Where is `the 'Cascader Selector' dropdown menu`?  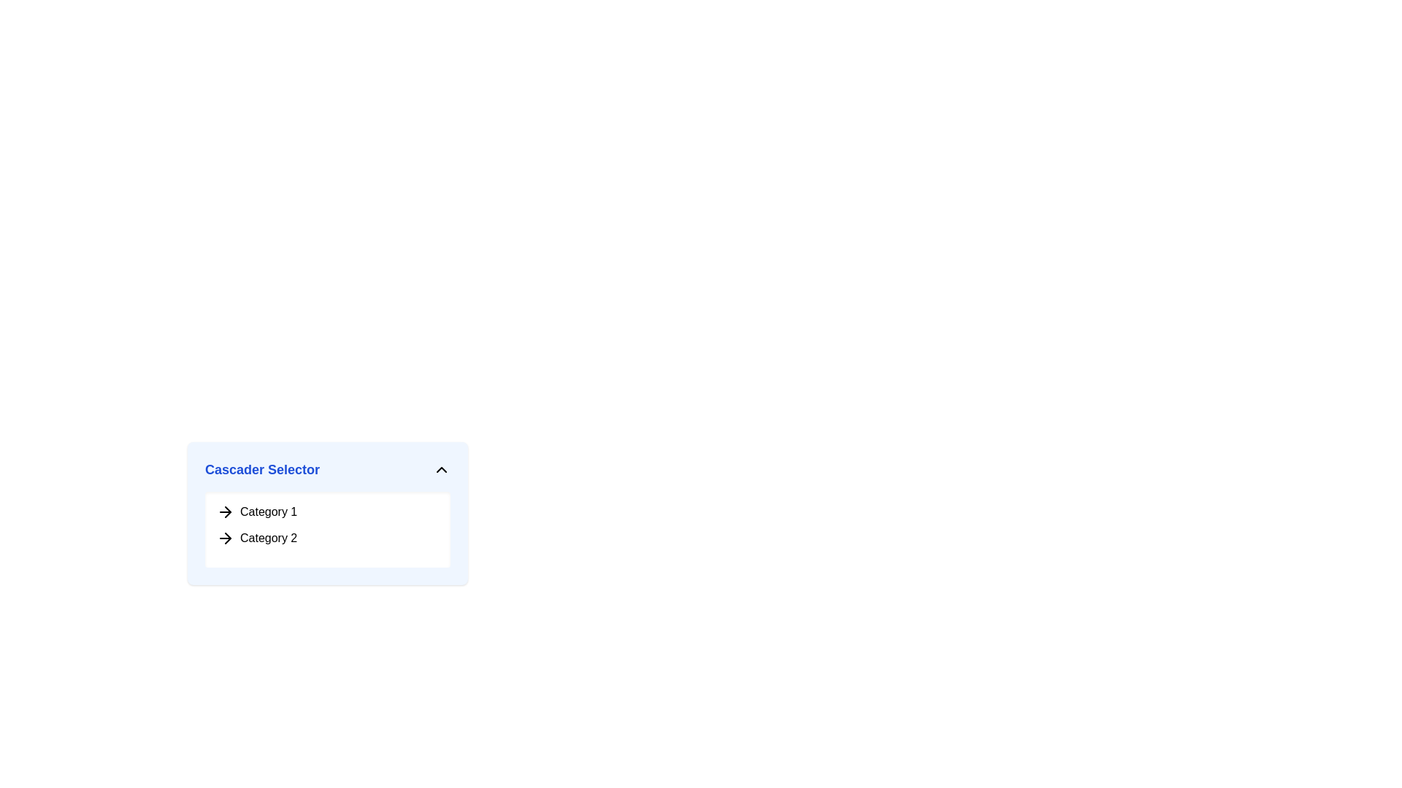 the 'Cascader Selector' dropdown menu is located at coordinates (327, 513).